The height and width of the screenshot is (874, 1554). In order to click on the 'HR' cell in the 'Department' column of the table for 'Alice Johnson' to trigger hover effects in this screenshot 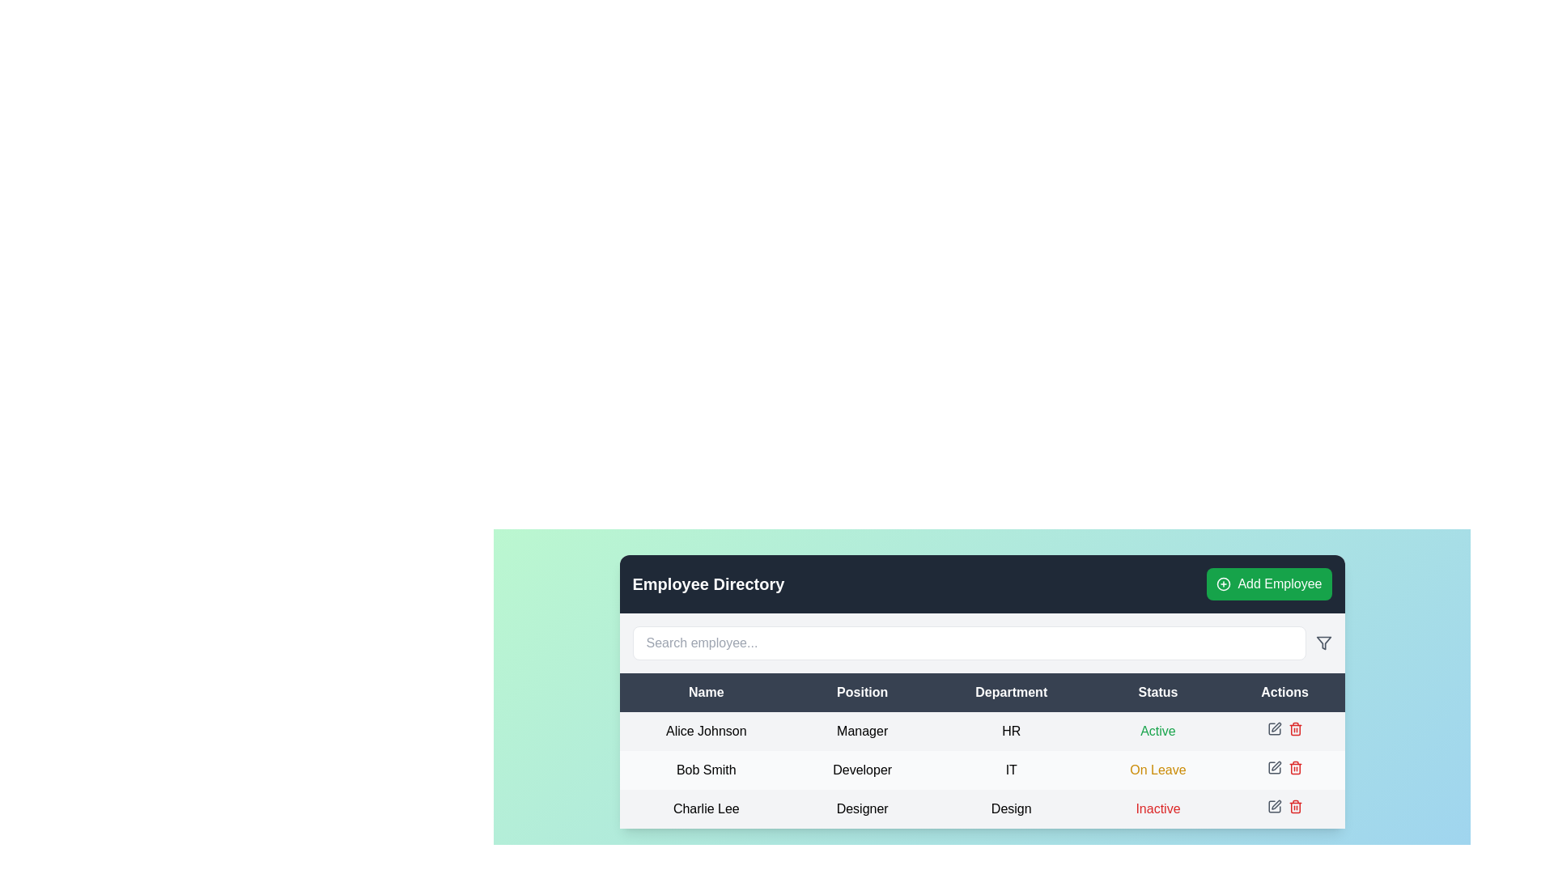, I will do `click(981, 751)`.